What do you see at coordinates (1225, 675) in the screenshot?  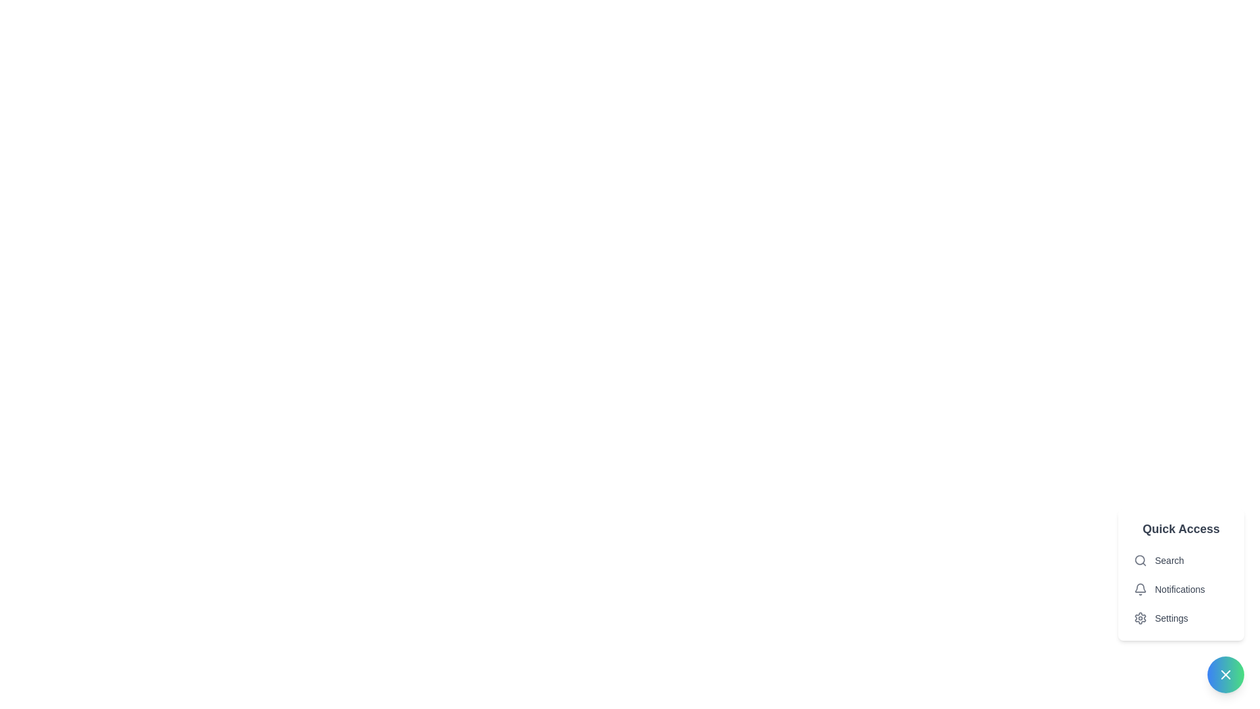 I see `the 'close' button with an 'X' icon located at the bottom-right corner of the interface` at bounding box center [1225, 675].